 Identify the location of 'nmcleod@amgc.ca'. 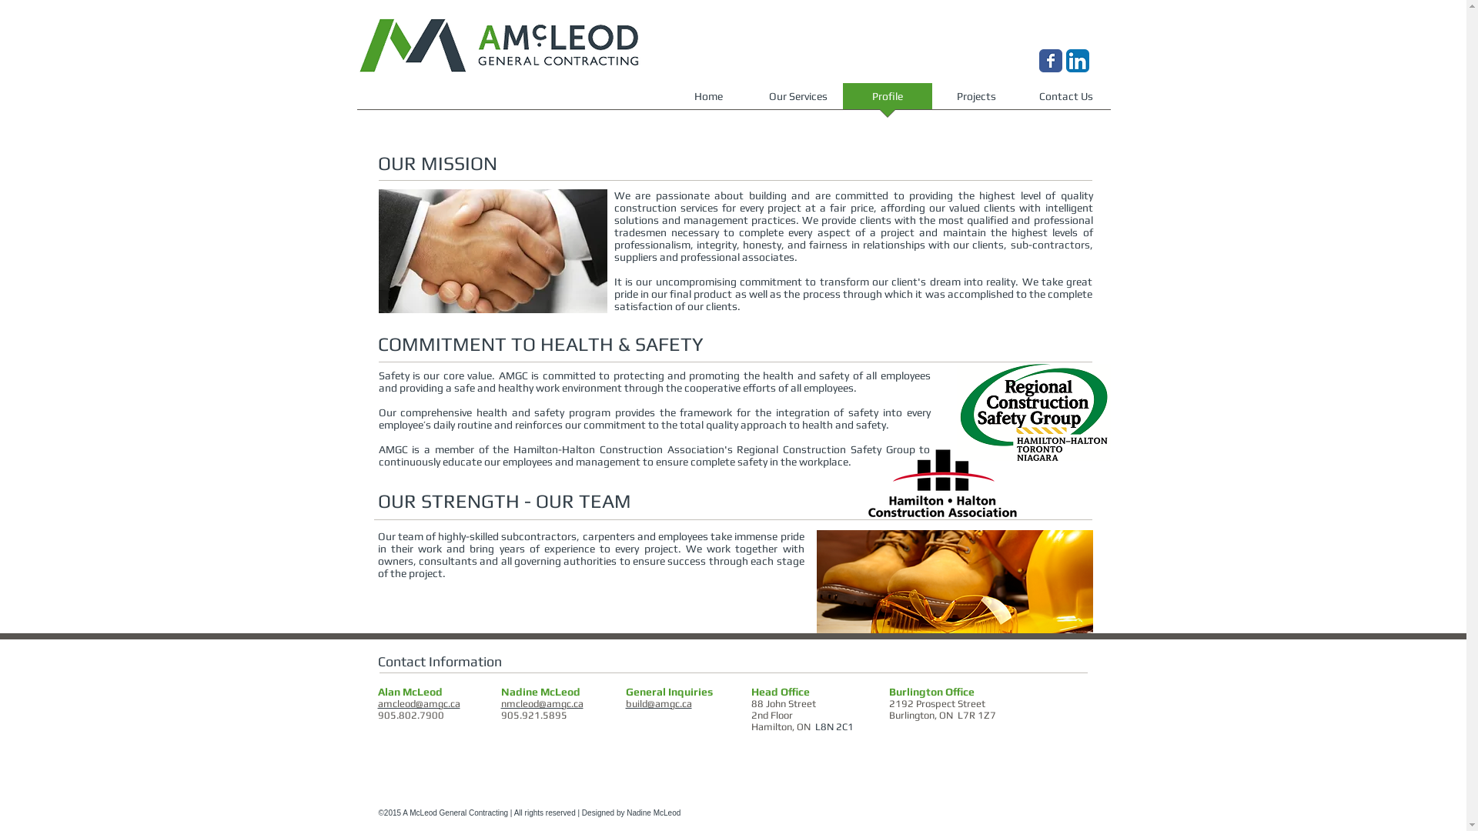
(541, 703).